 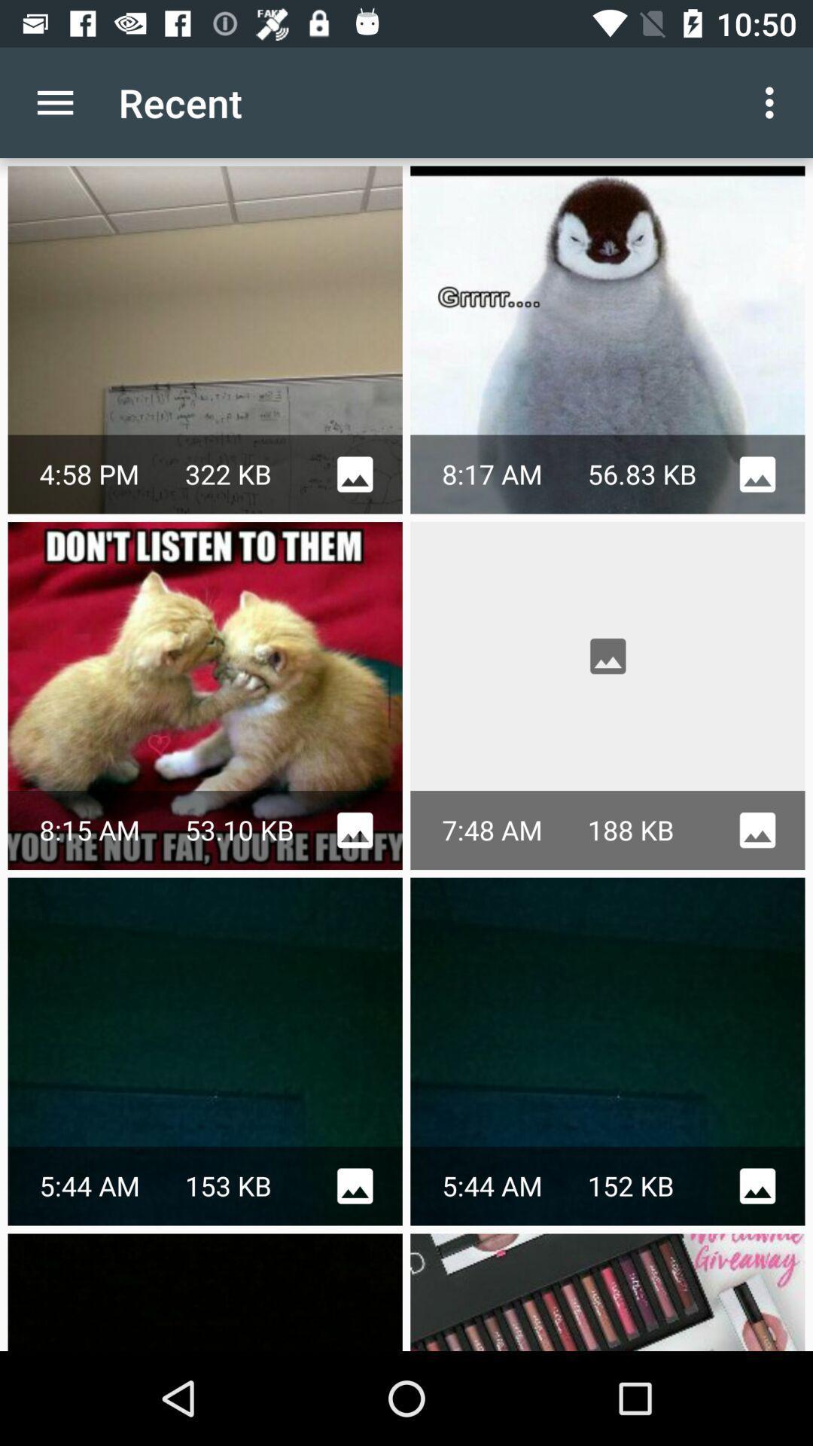 What do you see at coordinates (773, 102) in the screenshot?
I see `app next to recent app` at bounding box center [773, 102].